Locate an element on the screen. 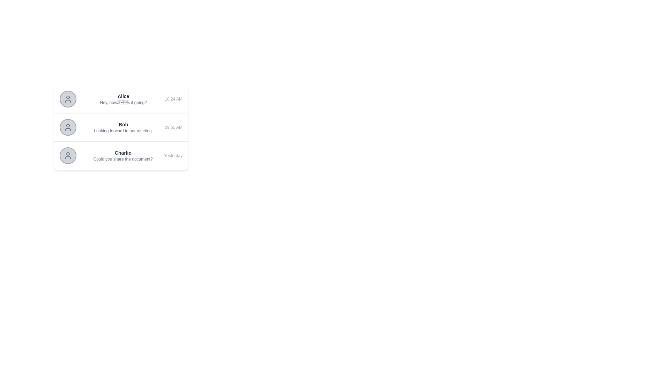  the text label displaying 'Bob' which is bold, small-sized, and grayish-black, located in the second row of user messages between an avatar and a description is located at coordinates (123, 124).